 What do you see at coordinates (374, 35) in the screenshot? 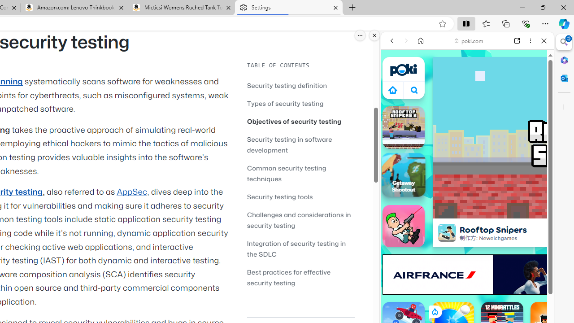
I see `'Close split screen.'` at bounding box center [374, 35].